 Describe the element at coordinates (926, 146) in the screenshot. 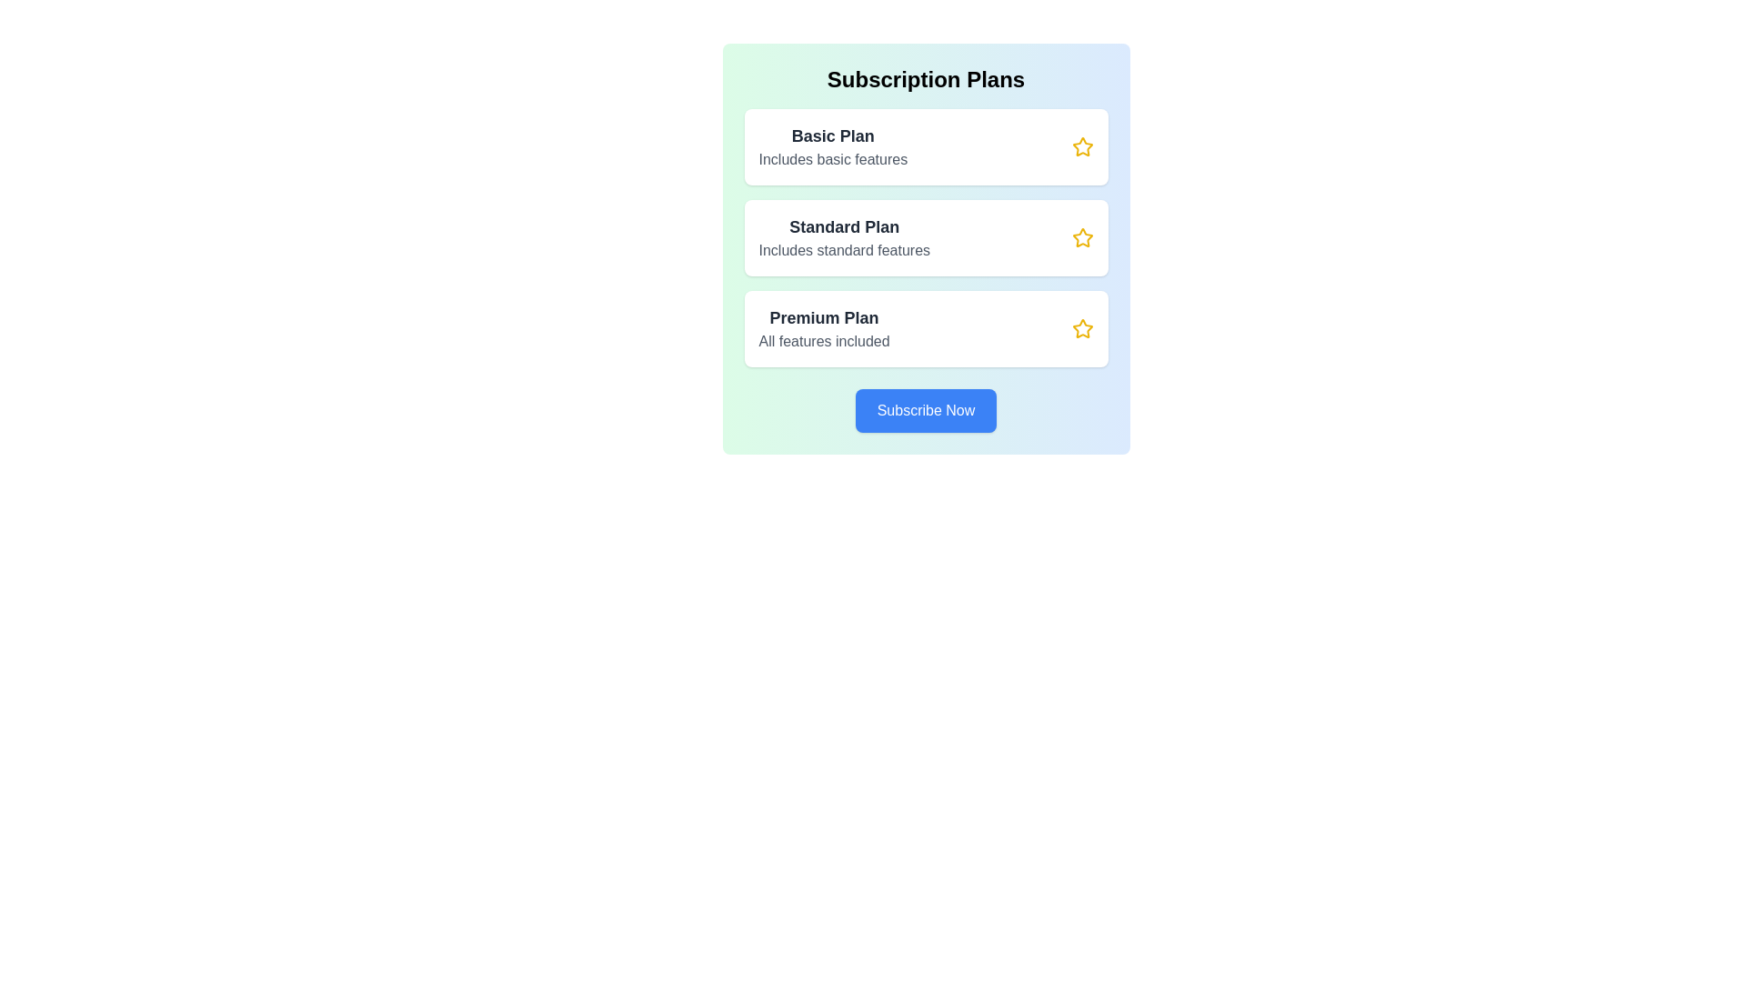

I see `the subscription plan named Basic Plan to view its details` at that location.